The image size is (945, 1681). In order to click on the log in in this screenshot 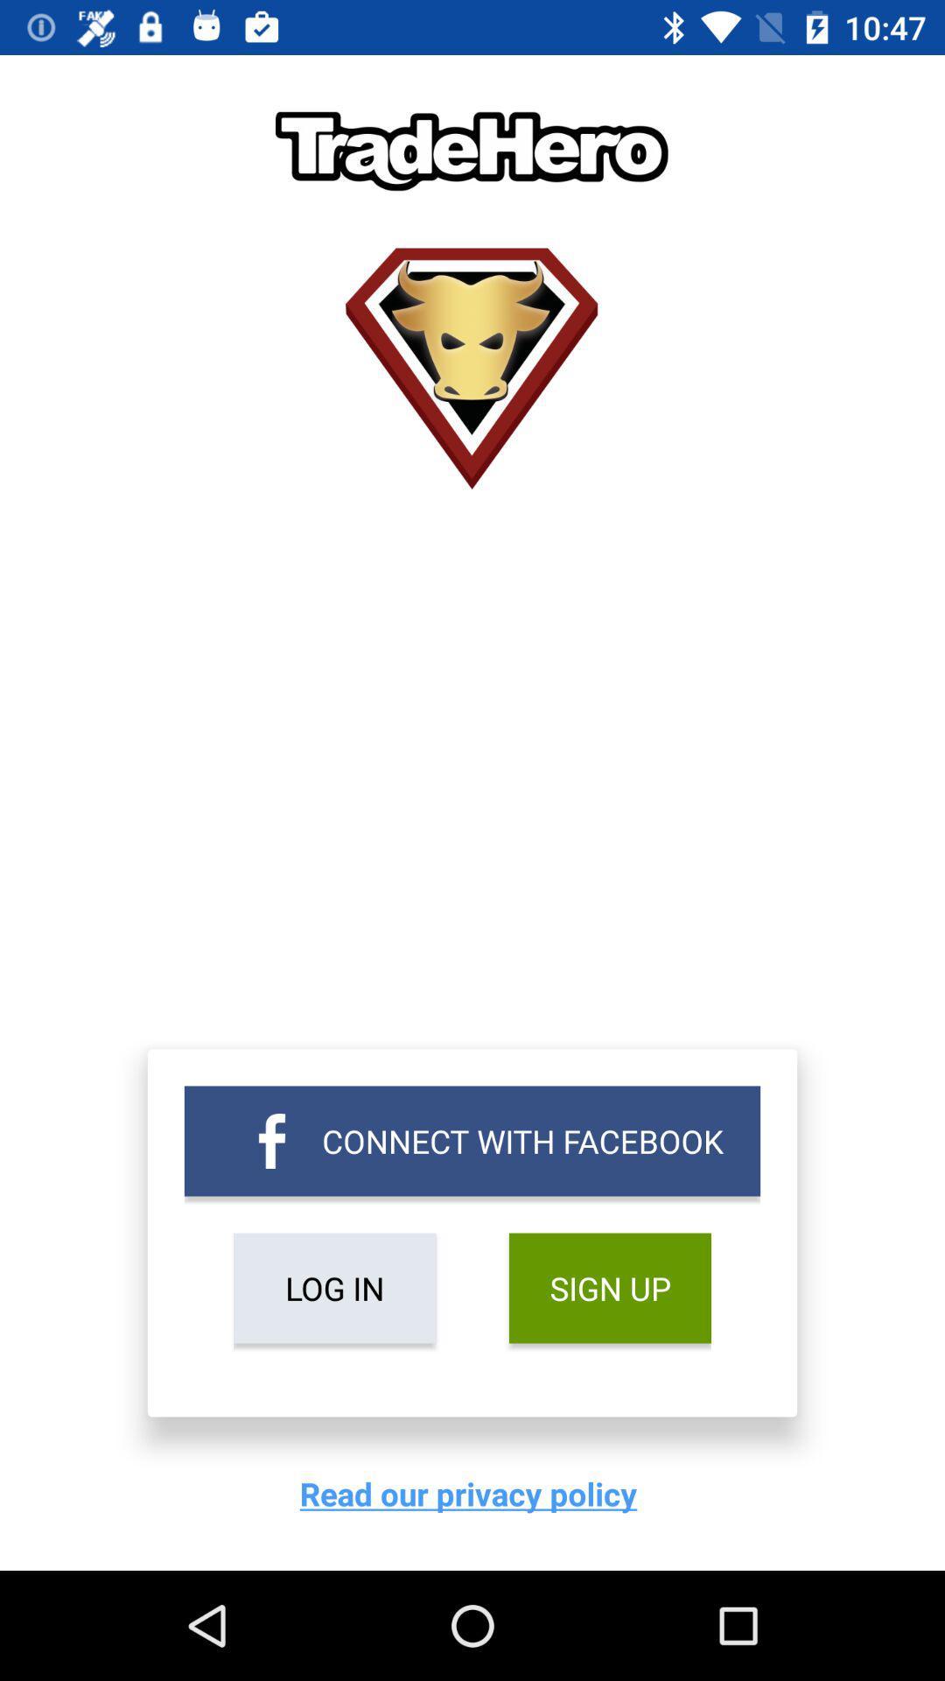, I will do `click(334, 1288)`.